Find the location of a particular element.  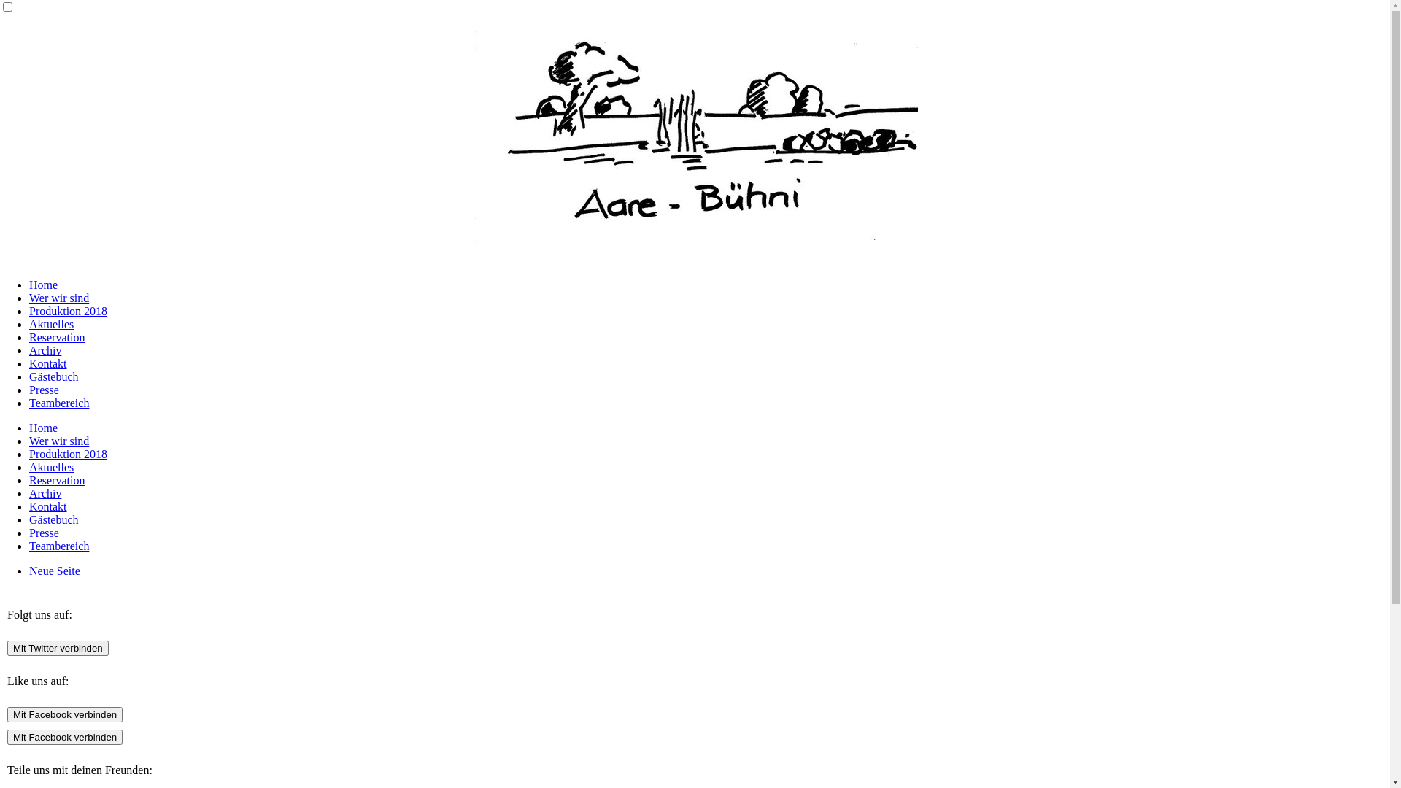

'Kontakt' is located at coordinates (48, 506).